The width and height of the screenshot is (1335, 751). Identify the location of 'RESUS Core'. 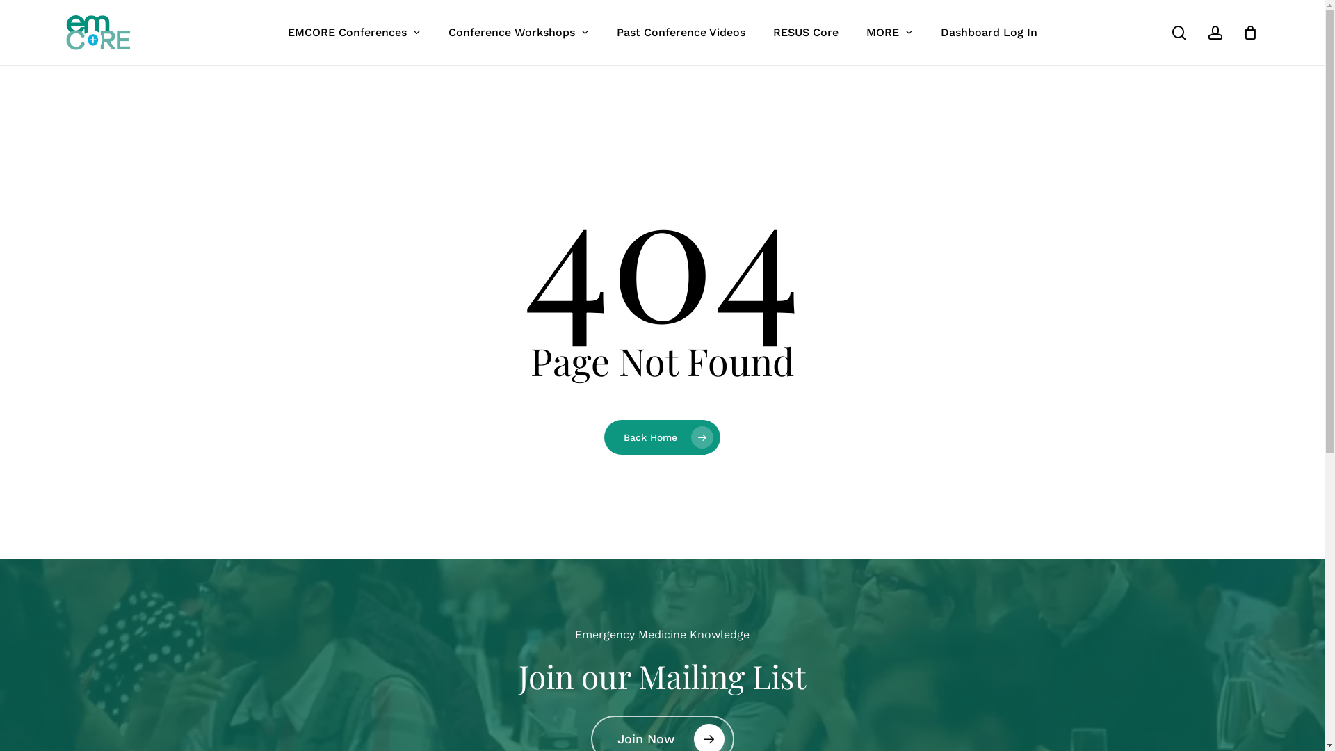
(805, 31).